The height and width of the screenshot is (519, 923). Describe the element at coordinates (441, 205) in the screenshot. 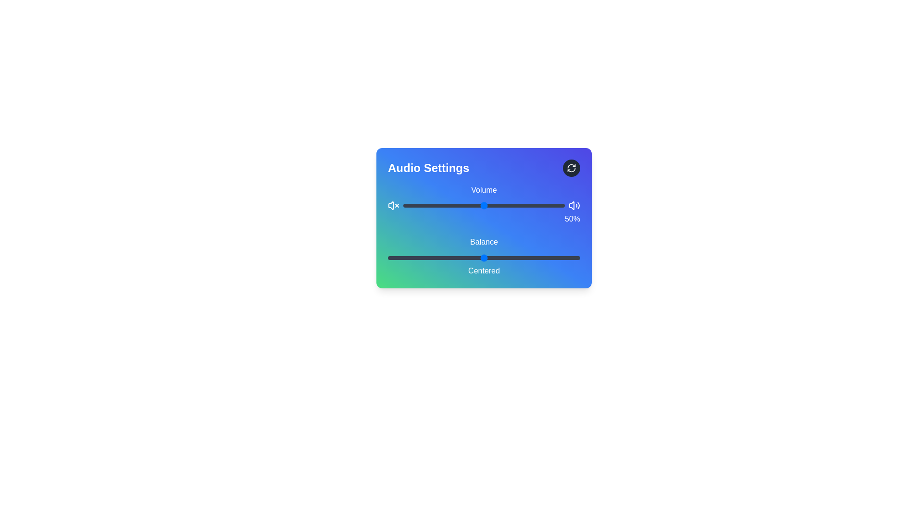

I see `the volume` at that location.